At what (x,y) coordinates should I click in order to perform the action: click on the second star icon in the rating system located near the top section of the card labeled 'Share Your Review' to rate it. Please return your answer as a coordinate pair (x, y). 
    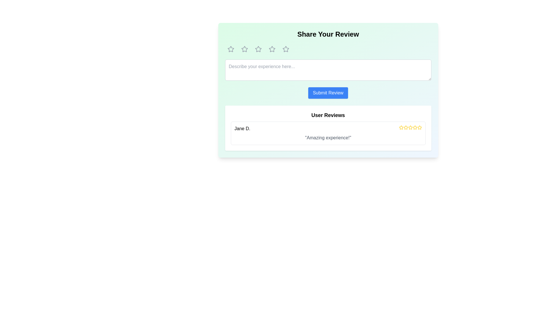
    Looking at the image, I should click on (258, 49).